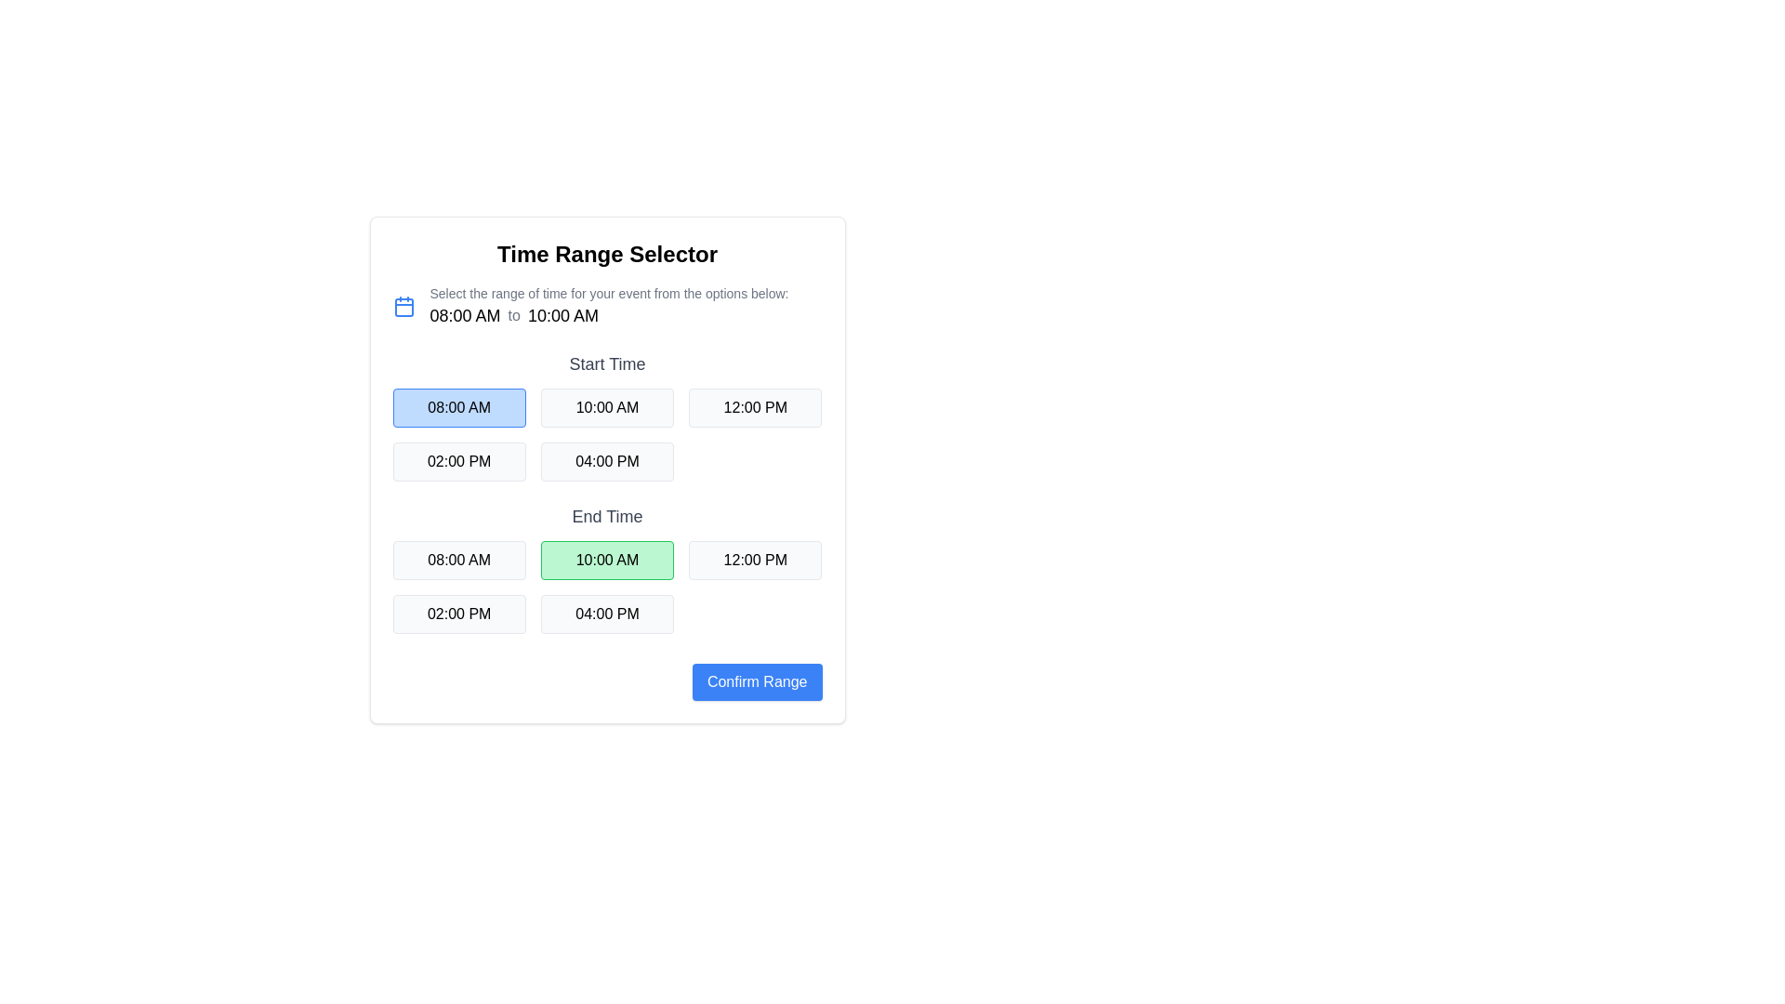 The height and width of the screenshot is (1004, 1785). What do you see at coordinates (607, 614) in the screenshot?
I see `the '04:00 PM' button located in the 'End Time' section for keyboard navigation` at bounding box center [607, 614].